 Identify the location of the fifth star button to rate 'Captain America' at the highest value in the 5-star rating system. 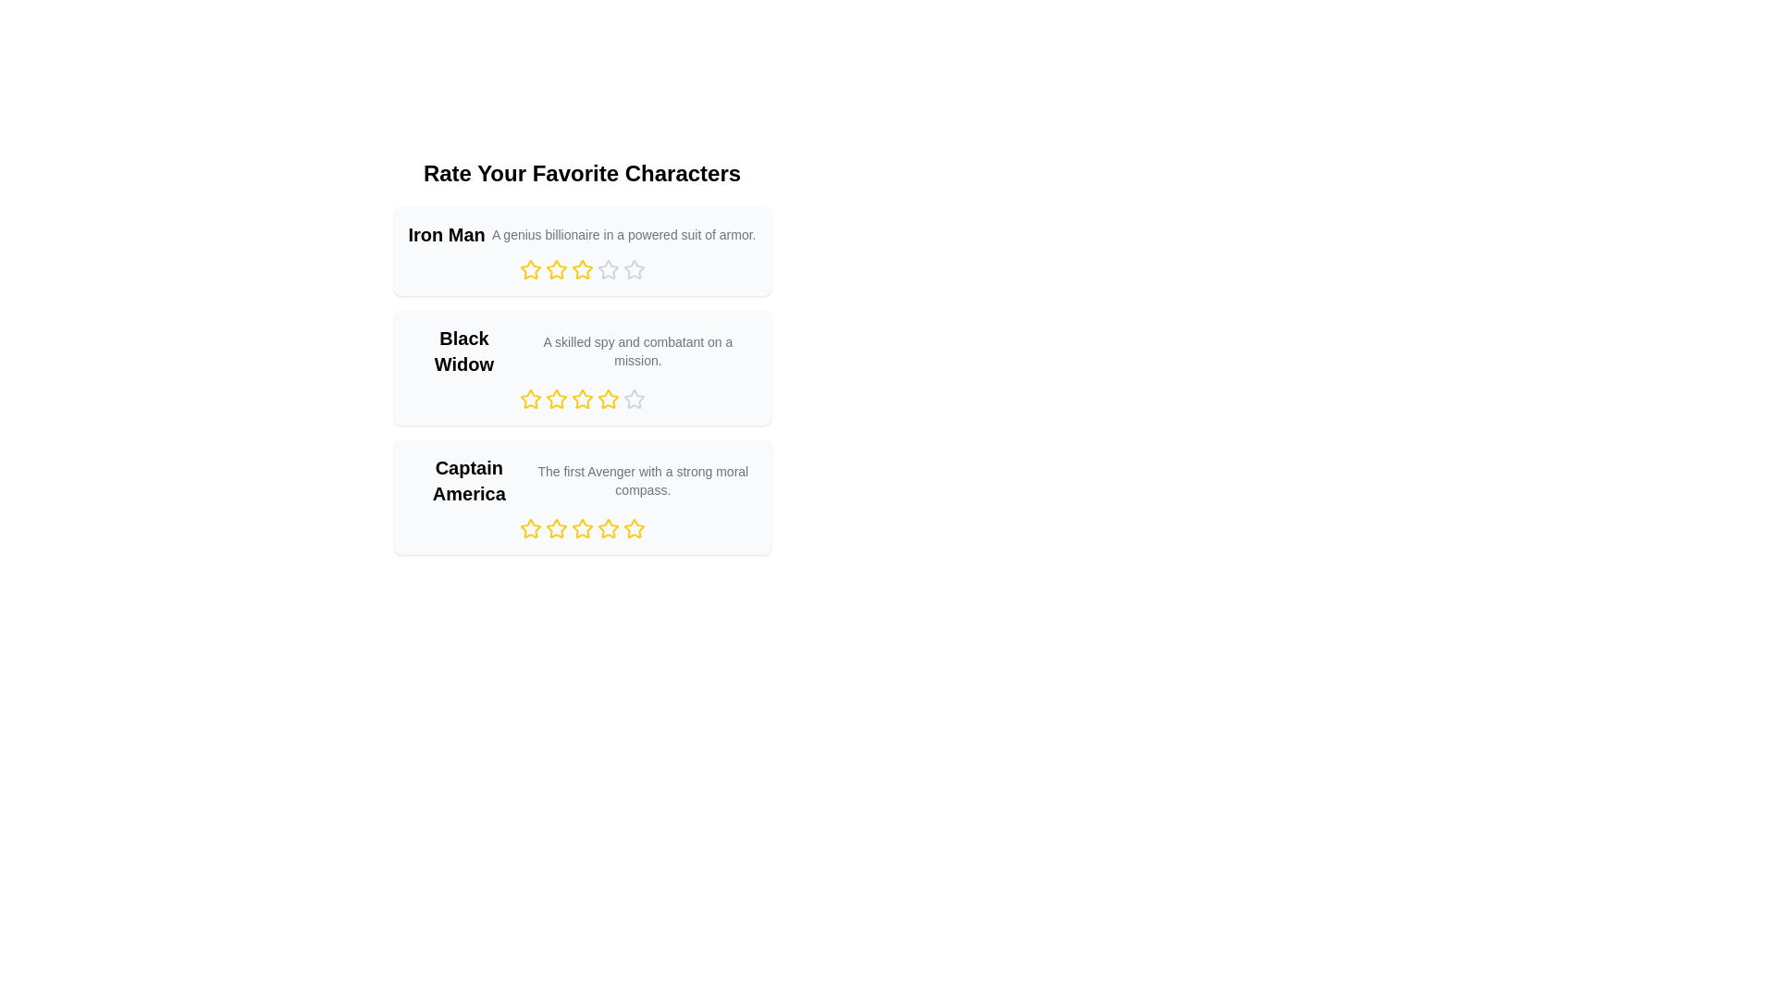
(634, 528).